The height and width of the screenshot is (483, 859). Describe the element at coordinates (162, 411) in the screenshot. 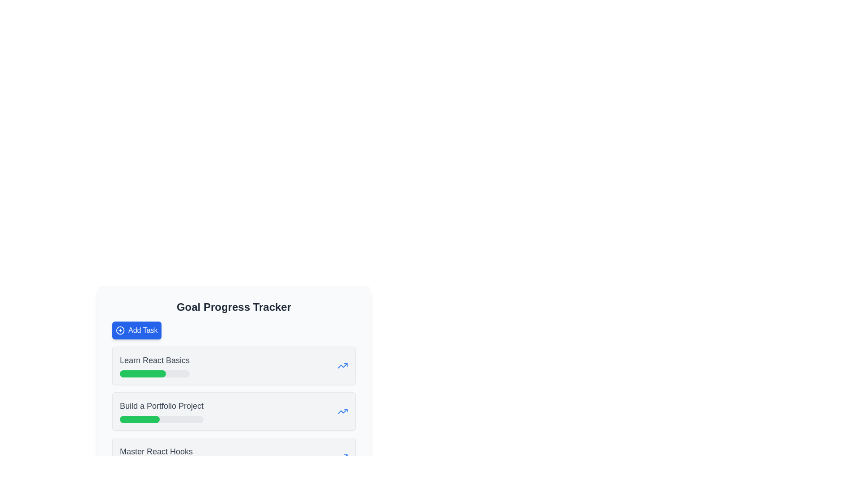

I see `progress value of the task item displaying 'Build a Portfolio Project', which is located in the 'Goal Progress Tracker' section, between 'Learn React Basics' and 'Master React Hooks'` at that location.